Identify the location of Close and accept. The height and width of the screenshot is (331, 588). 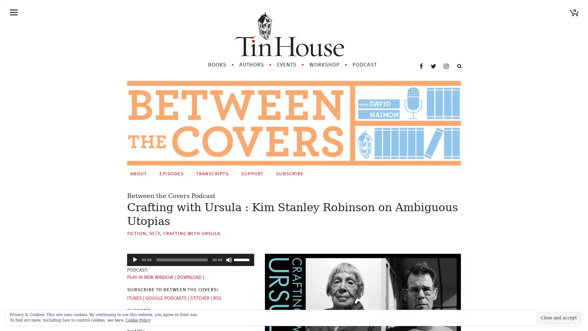
(559, 318).